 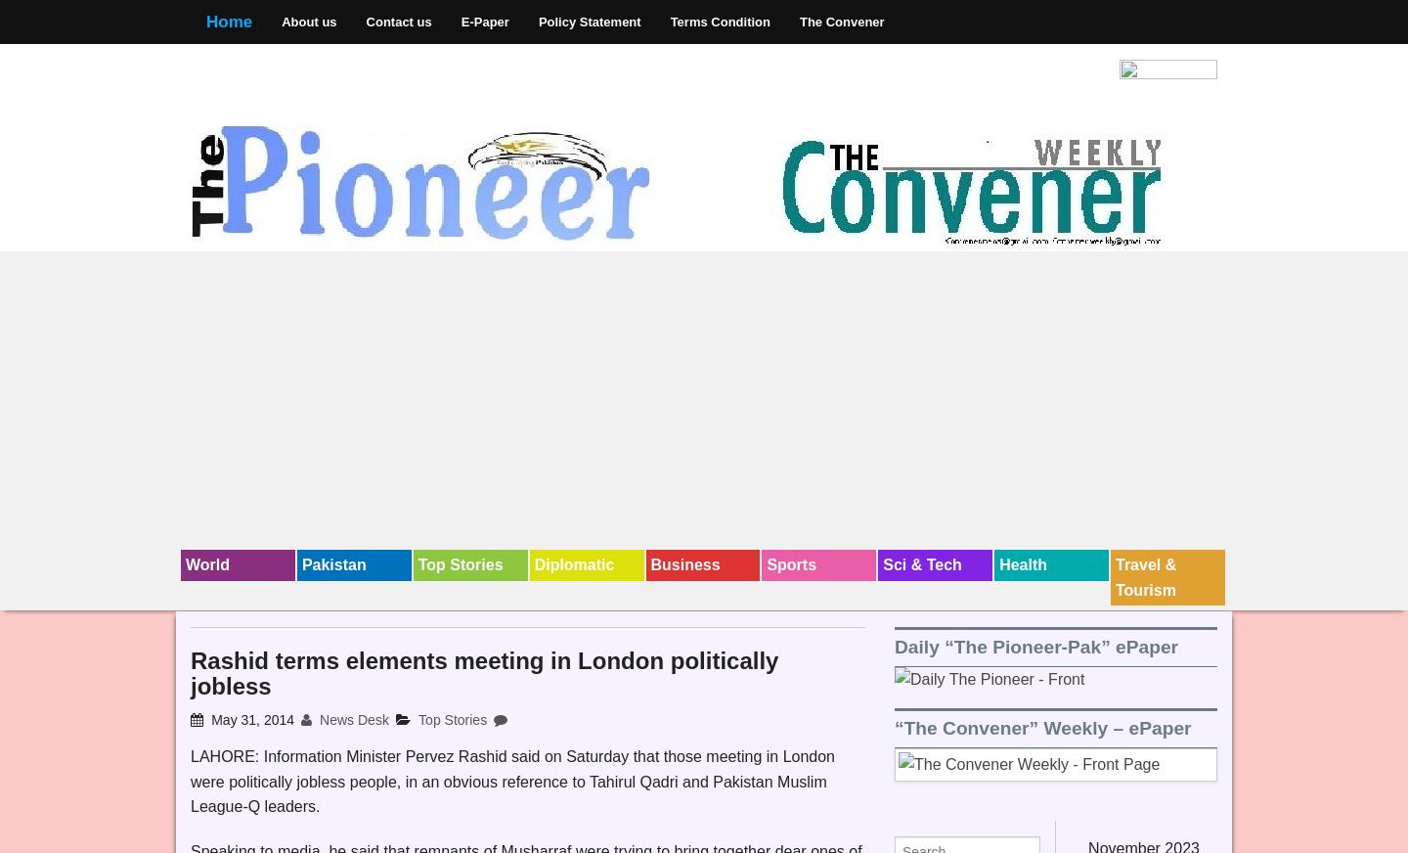 I want to click on 'Rashid terms elements meeting in London politically jobless', so click(x=483, y=672).